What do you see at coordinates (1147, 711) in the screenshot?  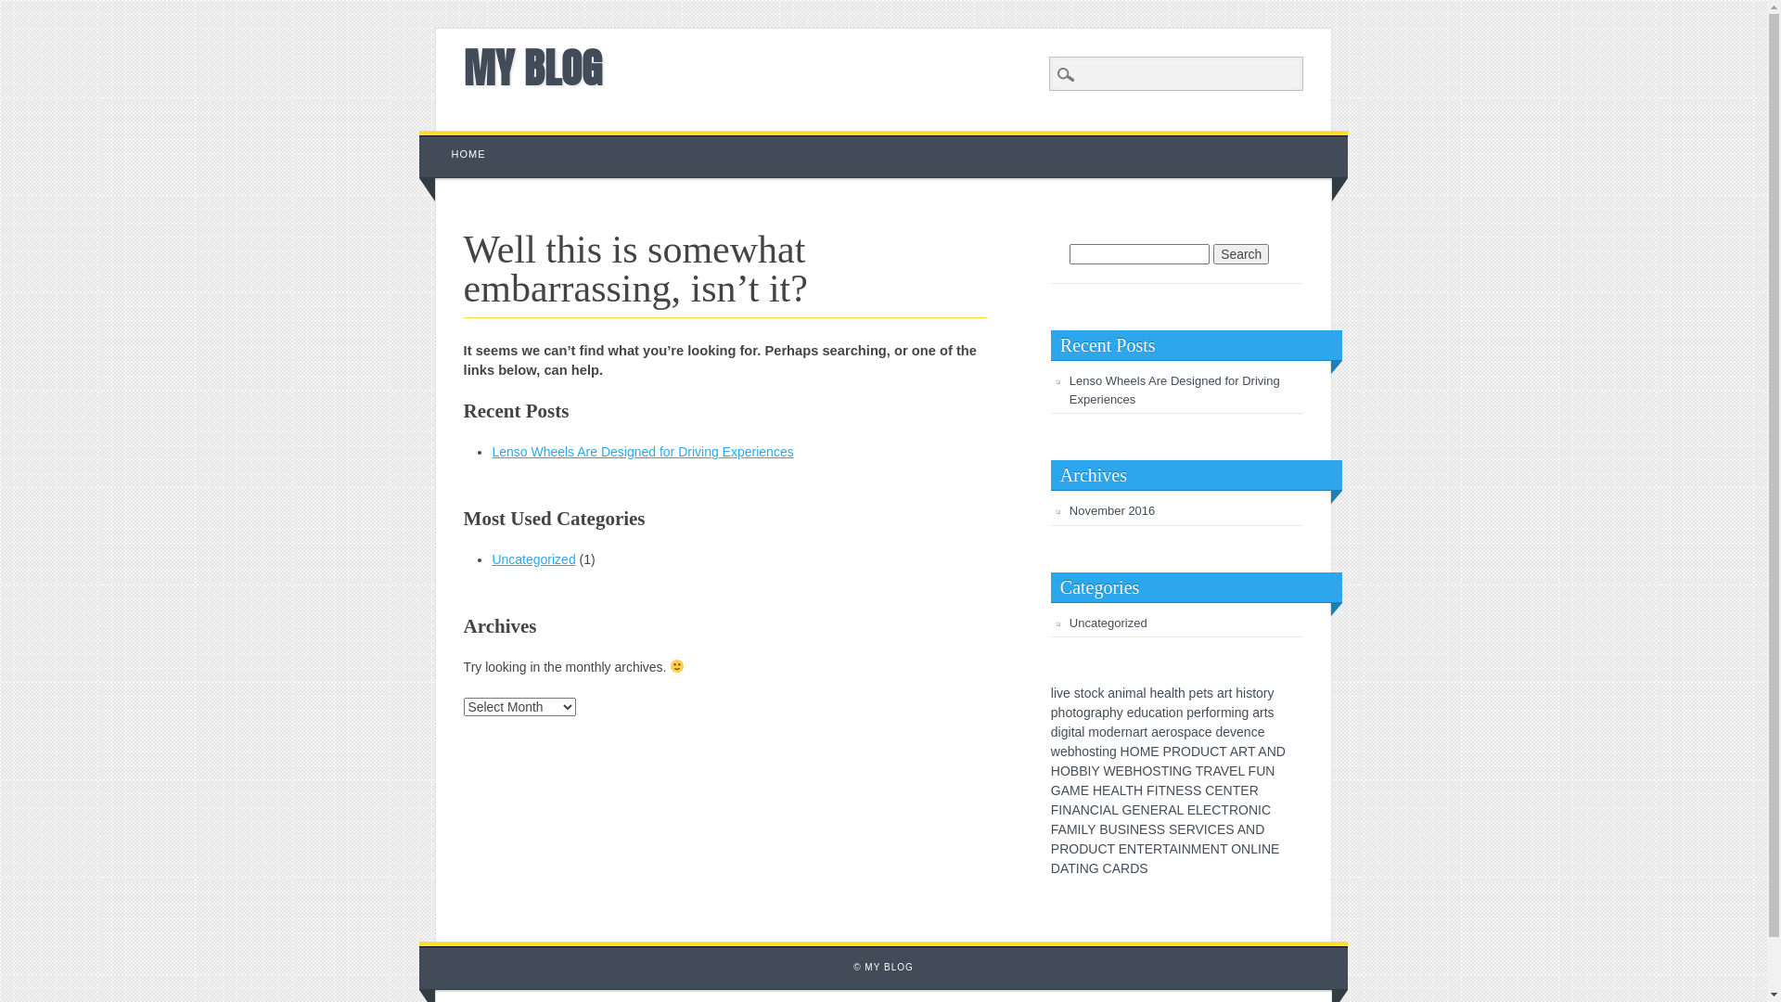 I see `'c'` at bounding box center [1147, 711].